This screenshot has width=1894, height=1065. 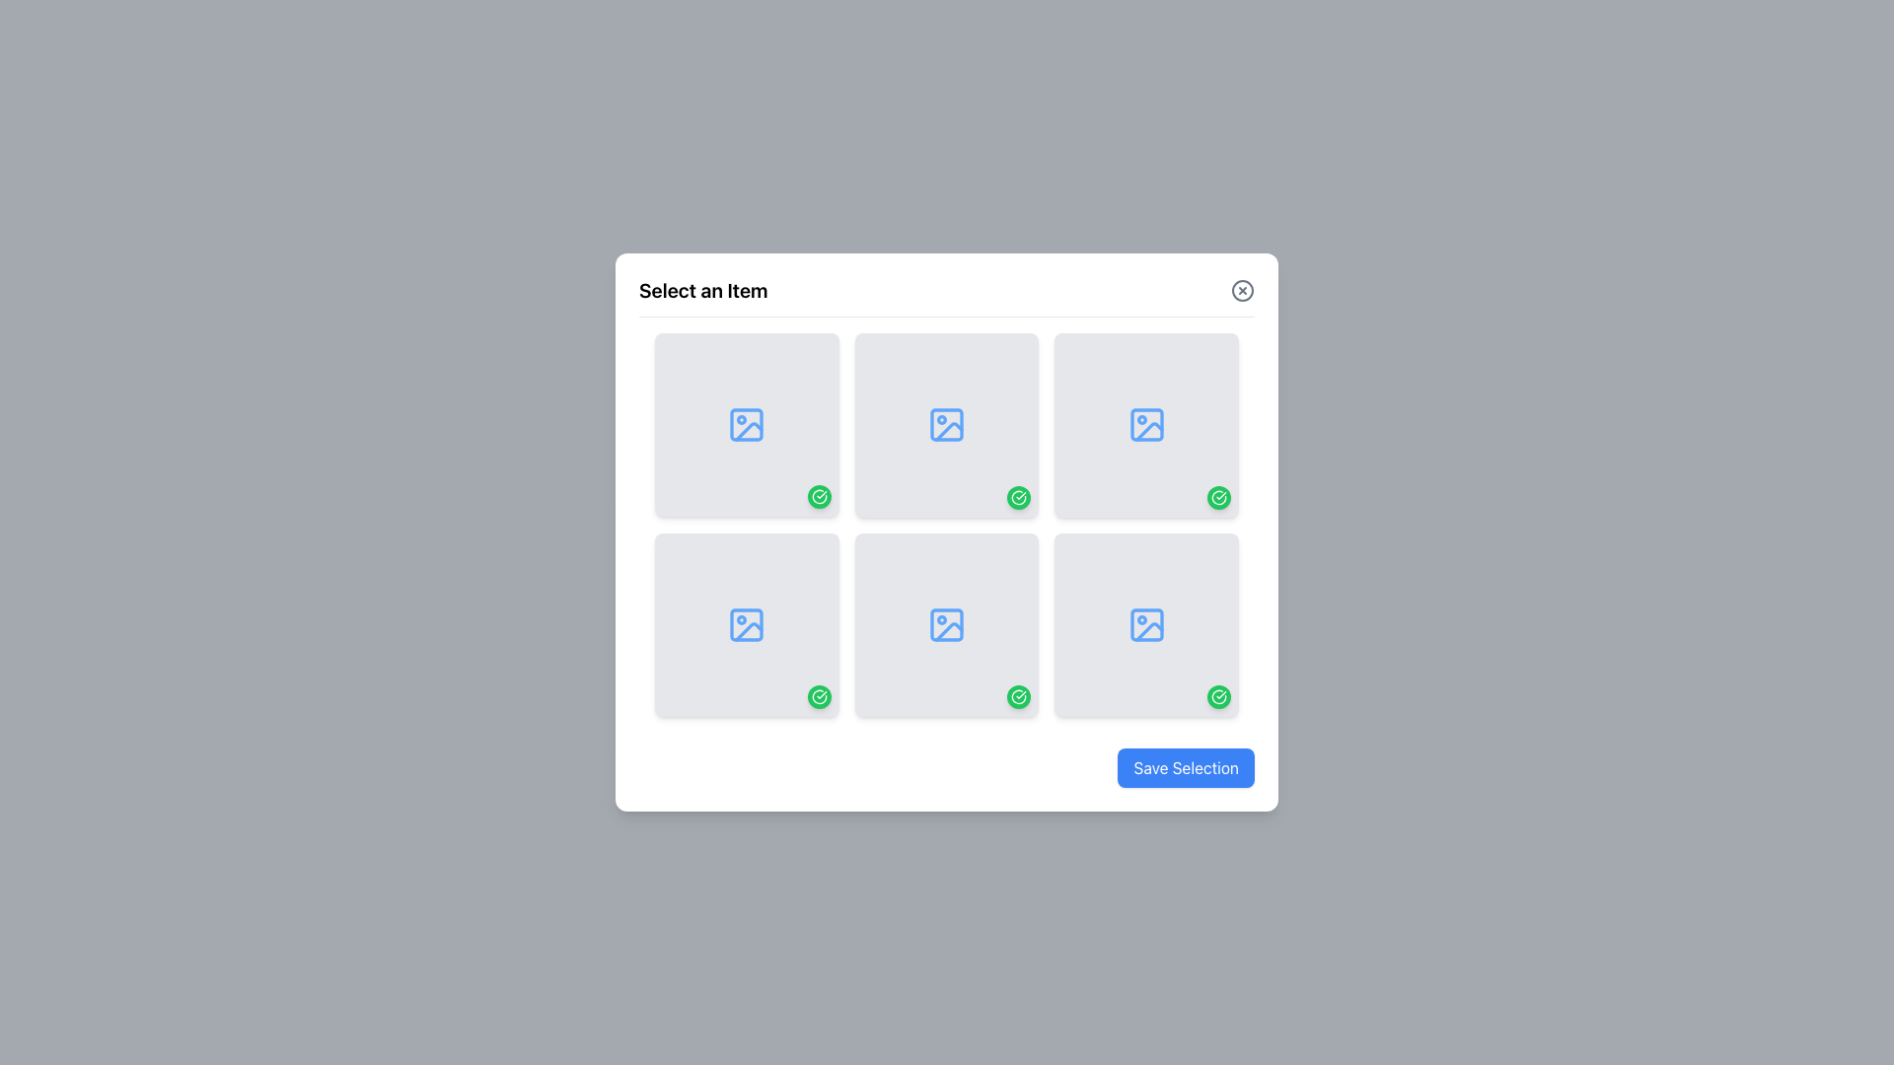 What do you see at coordinates (746, 424) in the screenshot?
I see `the first item in the first row of the three-by-three grid, located below the 'Select an Item' title` at bounding box center [746, 424].